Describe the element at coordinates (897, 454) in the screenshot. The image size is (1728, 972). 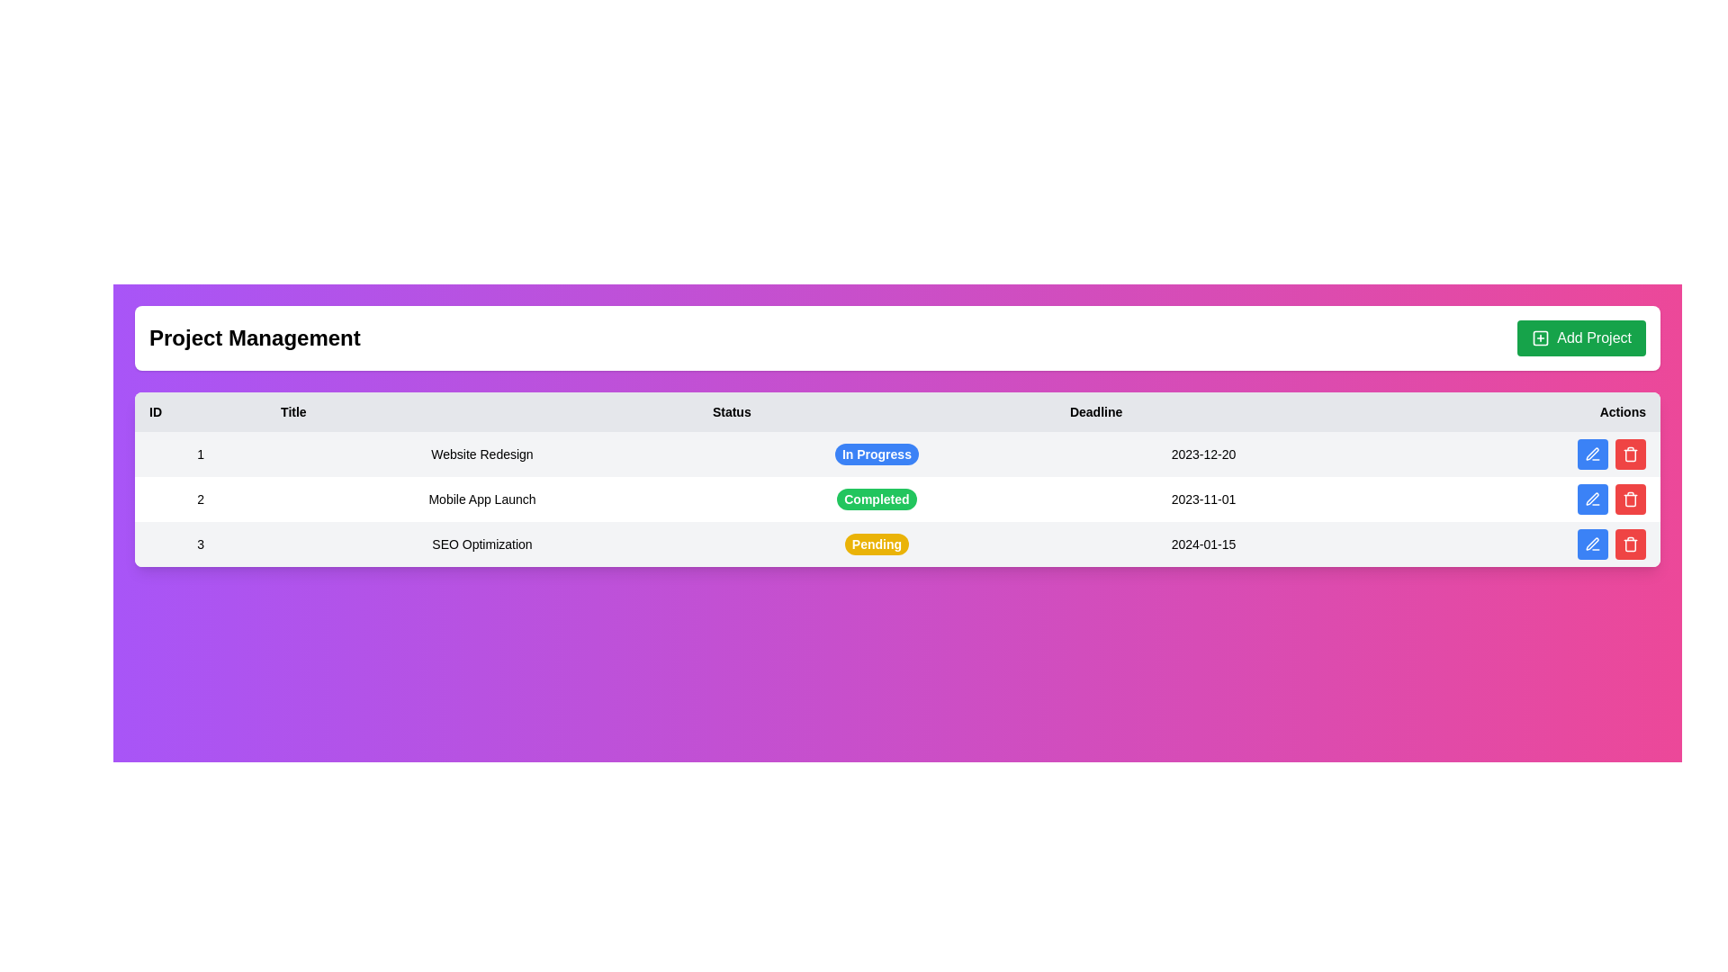
I see `the status badge in the first row of the project details table for 'Website Redesign'` at that location.